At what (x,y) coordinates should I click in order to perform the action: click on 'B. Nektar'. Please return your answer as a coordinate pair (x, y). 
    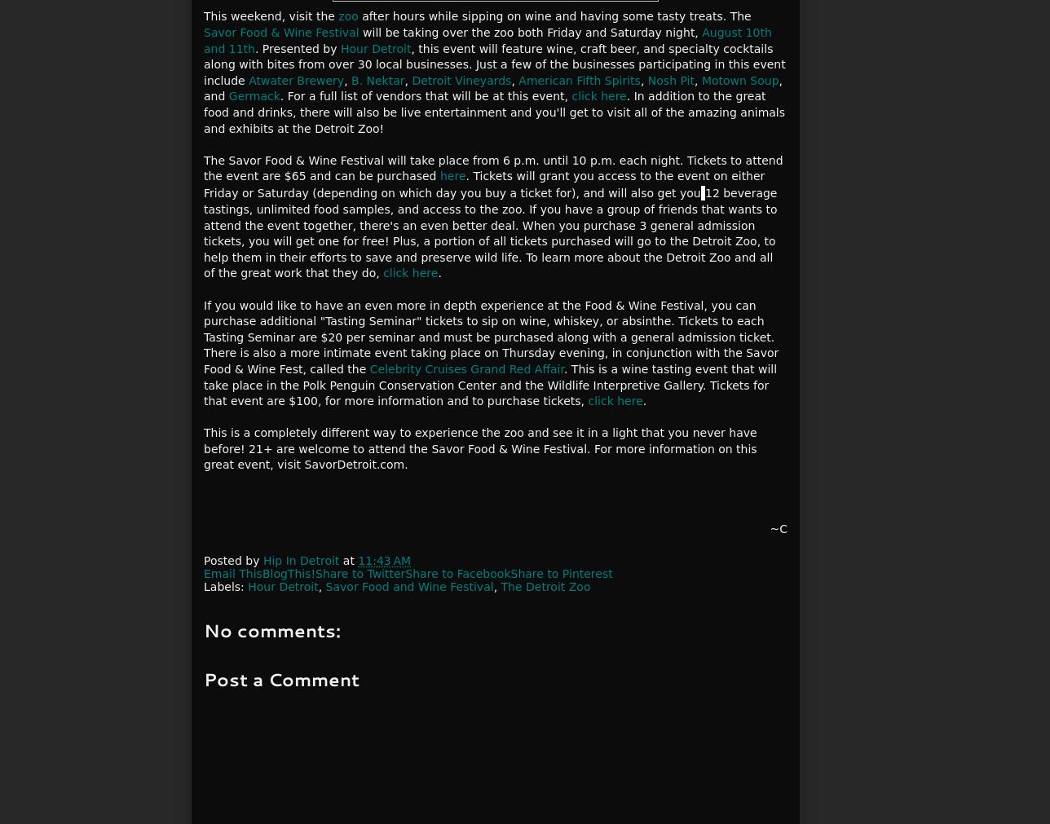
    Looking at the image, I should click on (377, 78).